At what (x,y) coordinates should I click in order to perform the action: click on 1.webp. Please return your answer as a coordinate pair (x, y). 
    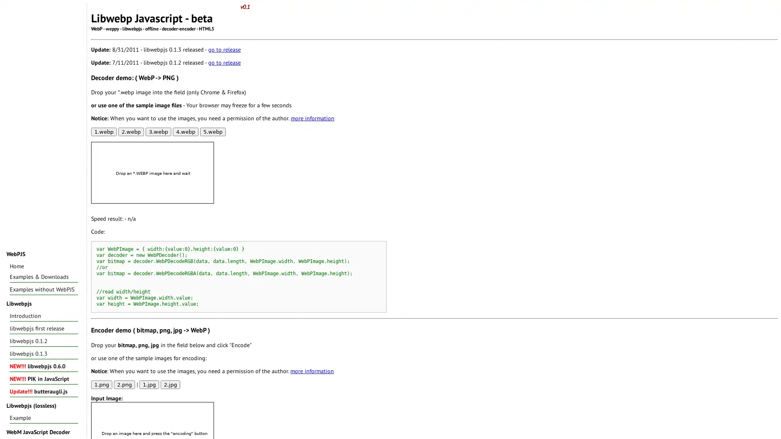
    Looking at the image, I should click on (103, 131).